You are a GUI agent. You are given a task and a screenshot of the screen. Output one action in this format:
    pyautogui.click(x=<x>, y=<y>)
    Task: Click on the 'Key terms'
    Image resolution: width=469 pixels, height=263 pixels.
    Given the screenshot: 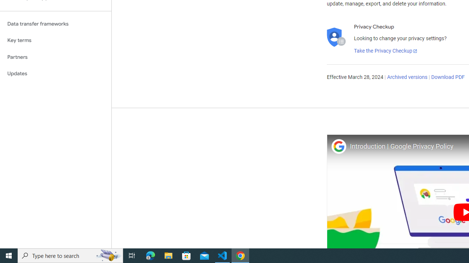 What is the action you would take?
    pyautogui.click(x=55, y=40)
    